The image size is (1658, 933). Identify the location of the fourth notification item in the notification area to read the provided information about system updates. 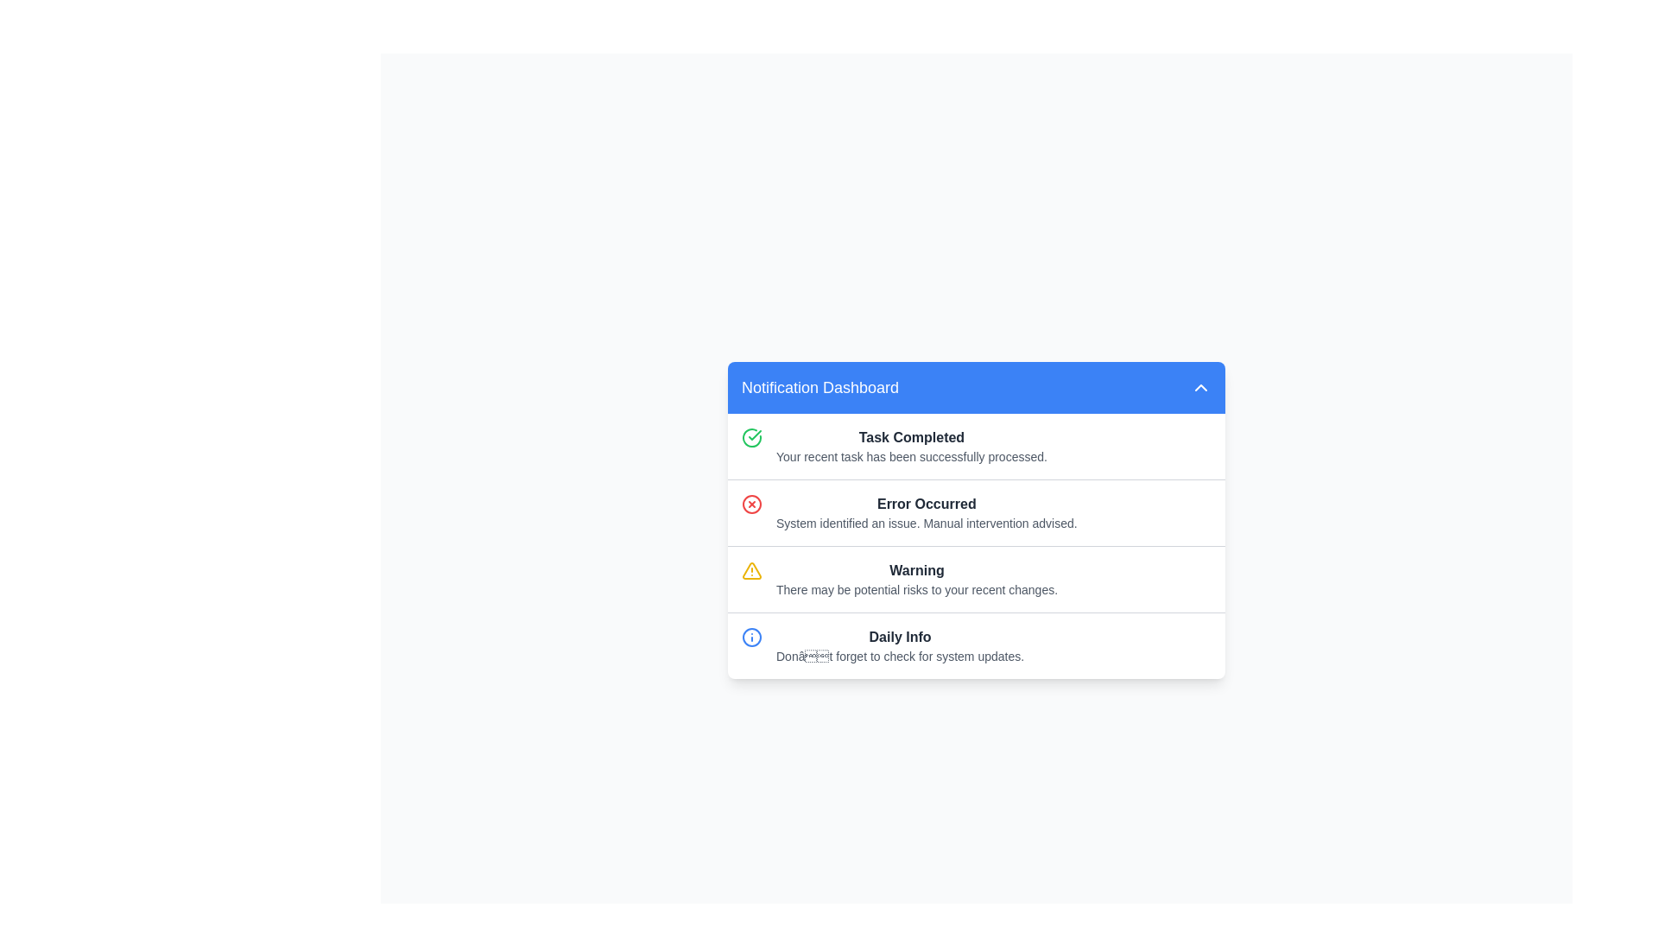
(977, 645).